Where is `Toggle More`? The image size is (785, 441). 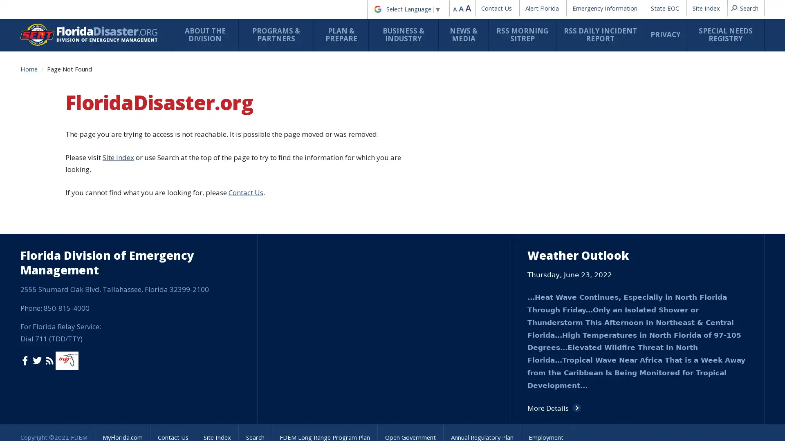
Toggle More is located at coordinates (410, 312).